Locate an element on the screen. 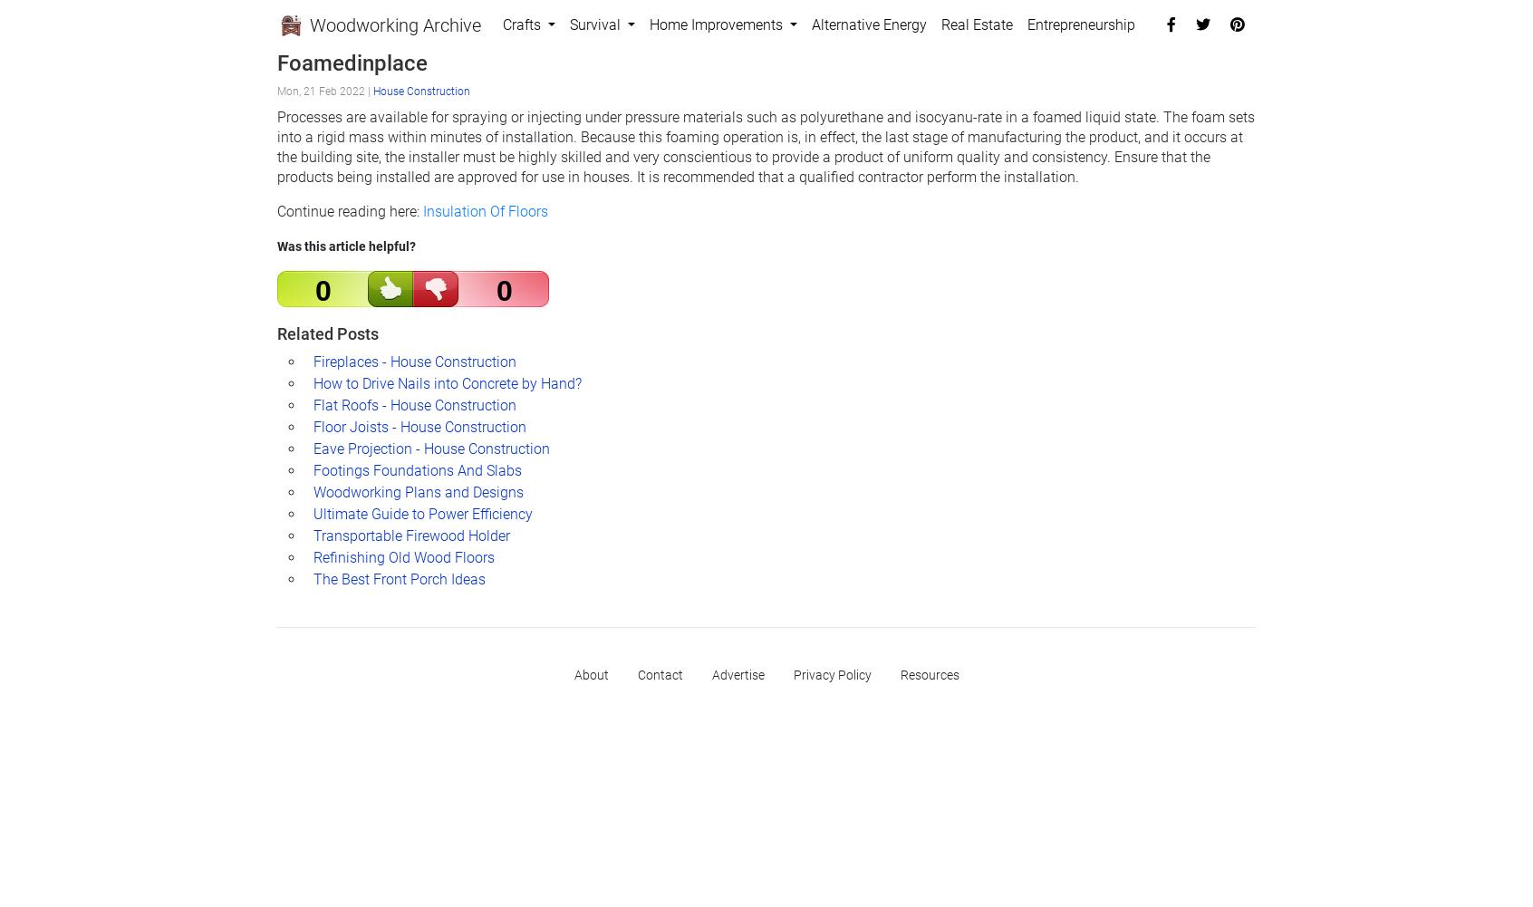 The image size is (1533, 907). 'Woodworking Archive' is located at coordinates (391, 25).